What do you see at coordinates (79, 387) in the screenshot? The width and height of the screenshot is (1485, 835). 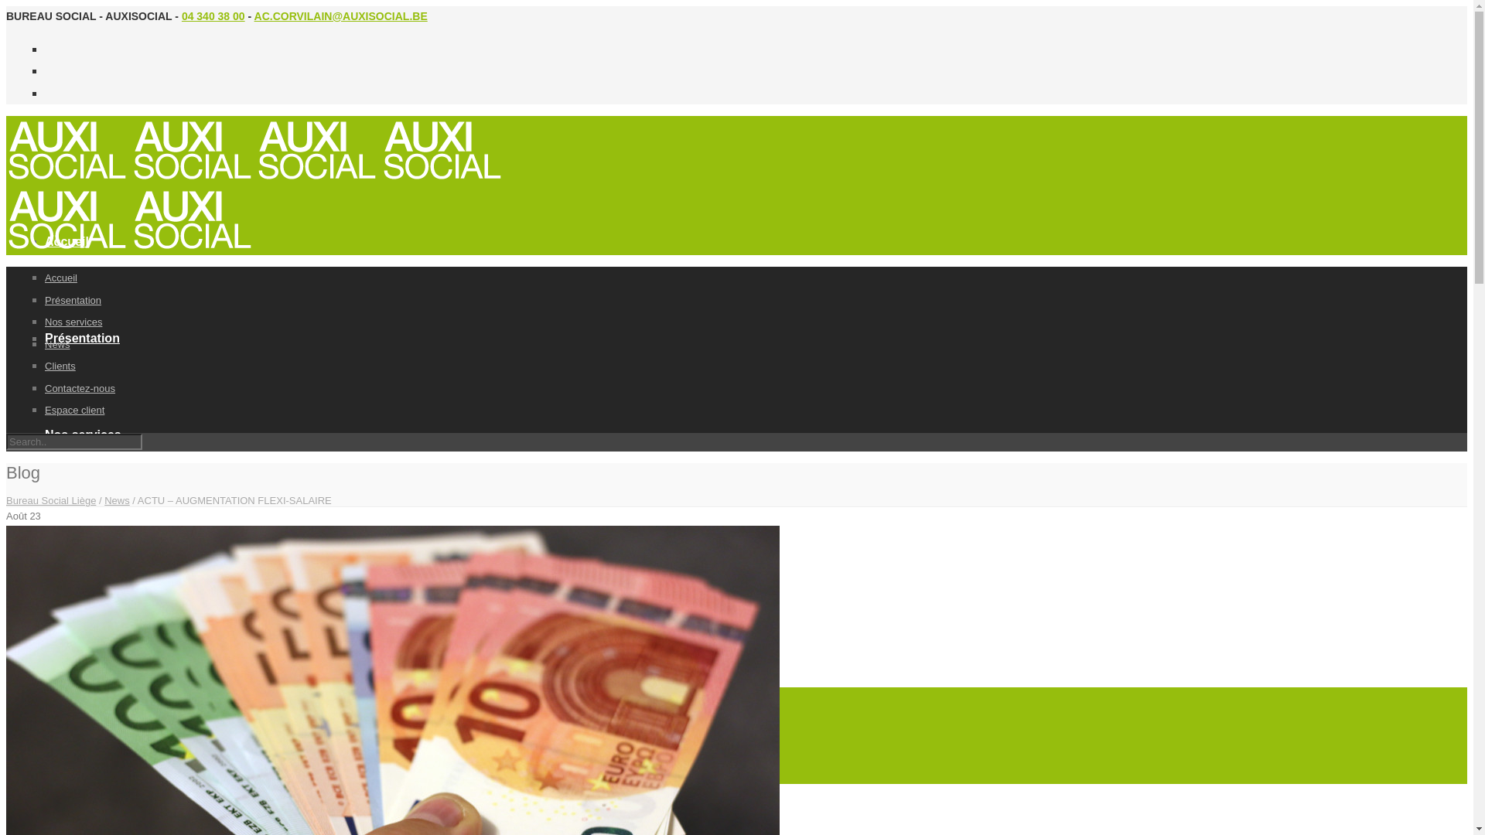 I see `'Contactez-nous'` at bounding box center [79, 387].